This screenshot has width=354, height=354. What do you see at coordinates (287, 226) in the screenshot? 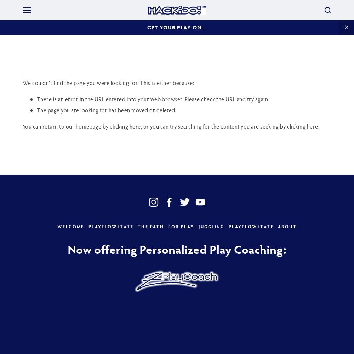
I see `'ABOUT'` at bounding box center [287, 226].